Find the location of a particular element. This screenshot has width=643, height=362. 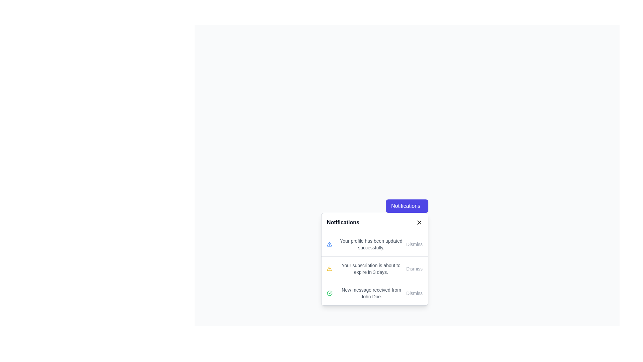

the 'Notifications' text label, which is a bold and prominent title located at the top center of the light popover window is located at coordinates (343, 222).